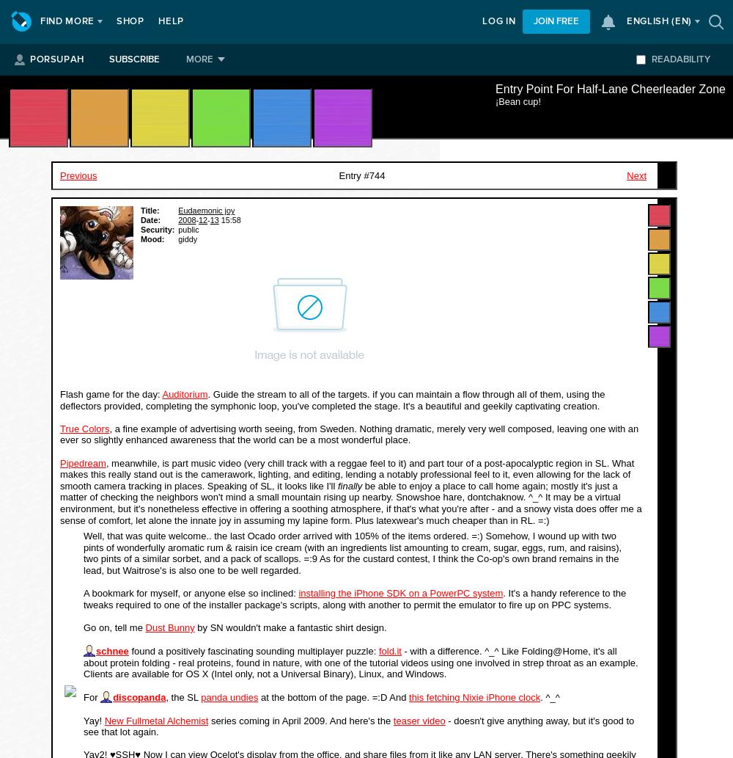  Describe the element at coordinates (346, 473) in the screenshot. I see `', meanwhile, is part music video (very chill track with a reggae feel to it) and part tour of a post-apocalyptic region in SL. What makes this really stand out is the camerawork, lighting, and editing, lending a notably professional feel to it, even allowing for the lack of smooth camera tracking in places. Speaking of SL, it looks like I'll'` at that location.